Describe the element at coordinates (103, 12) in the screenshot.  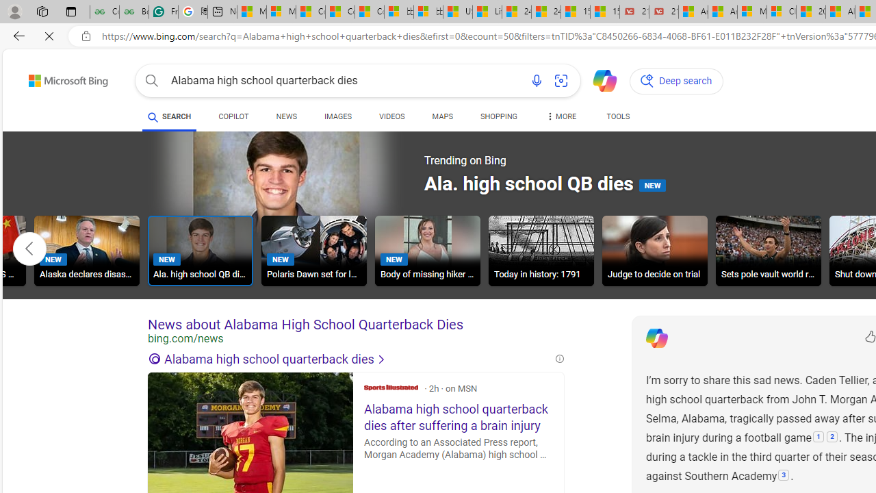
I see `'Complete Guide to Arrays Data Structure - GeeksforGeeks'` at that location.